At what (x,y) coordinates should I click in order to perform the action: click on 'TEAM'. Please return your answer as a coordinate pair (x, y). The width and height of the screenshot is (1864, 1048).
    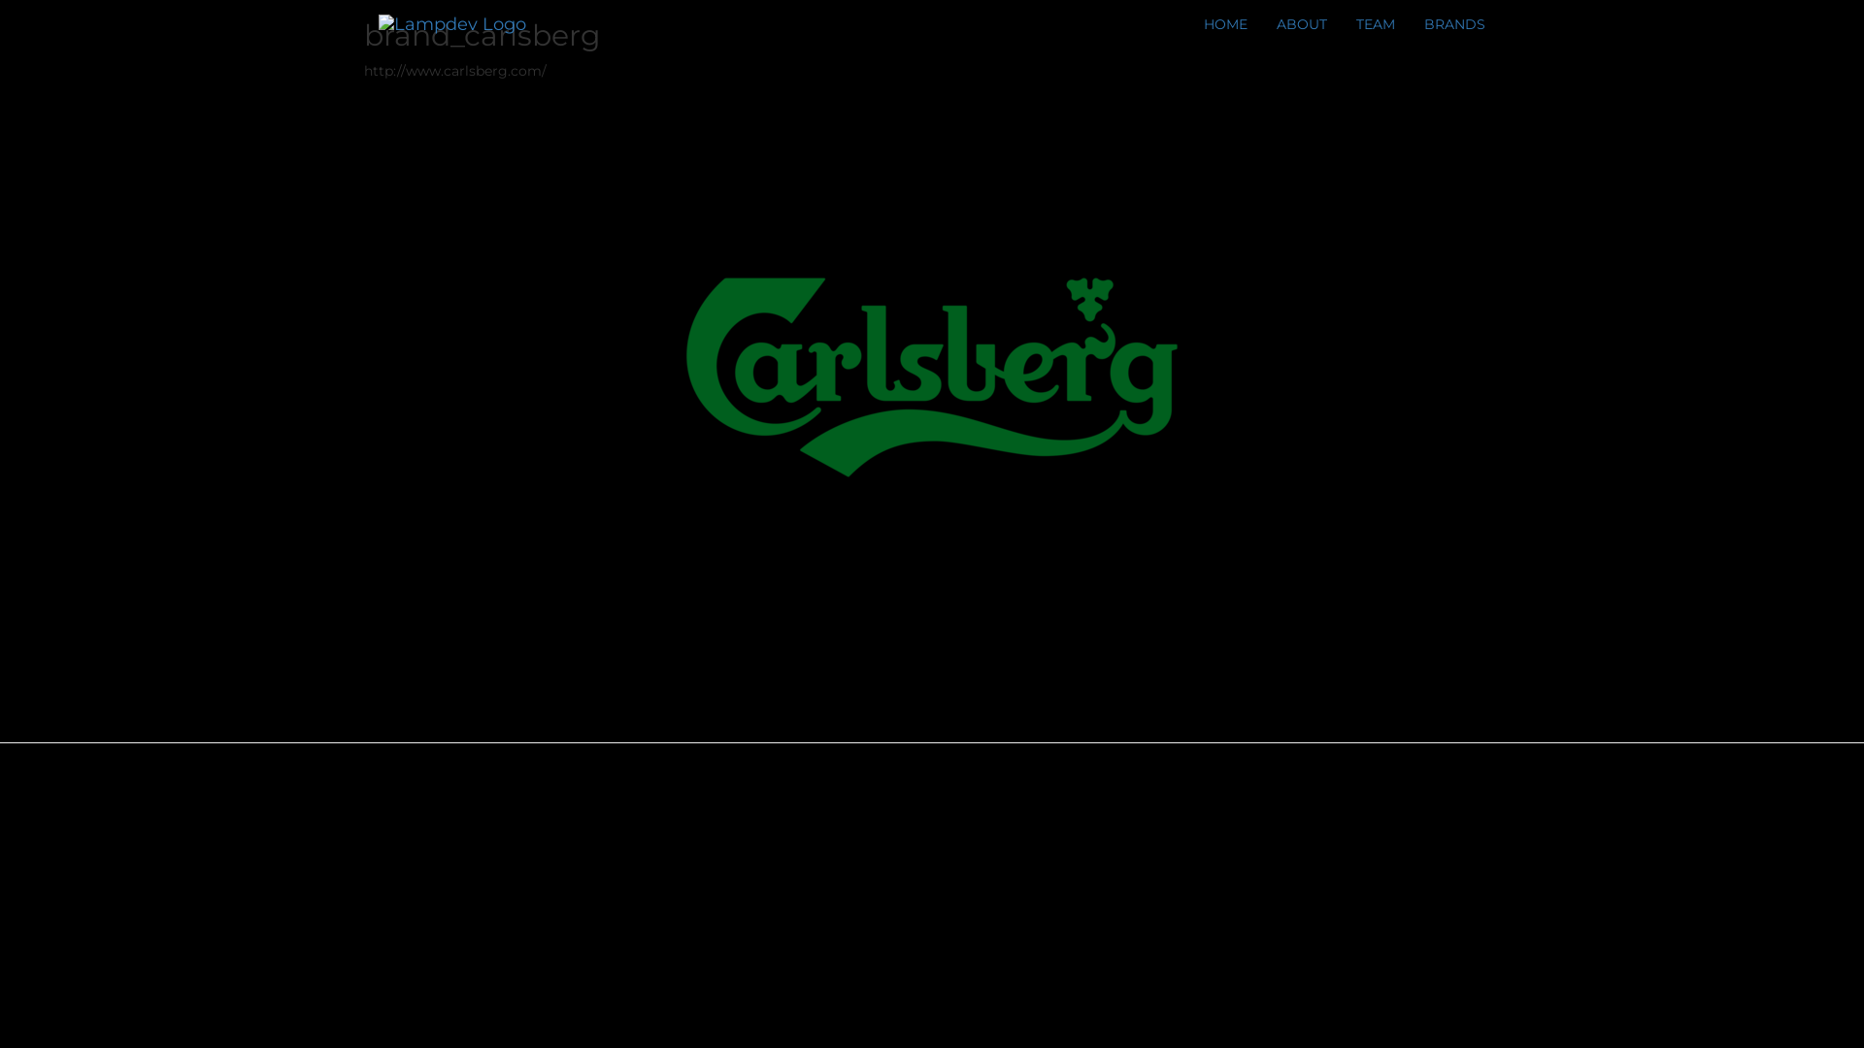
    Looking at the image, I should click on (1374, 23).